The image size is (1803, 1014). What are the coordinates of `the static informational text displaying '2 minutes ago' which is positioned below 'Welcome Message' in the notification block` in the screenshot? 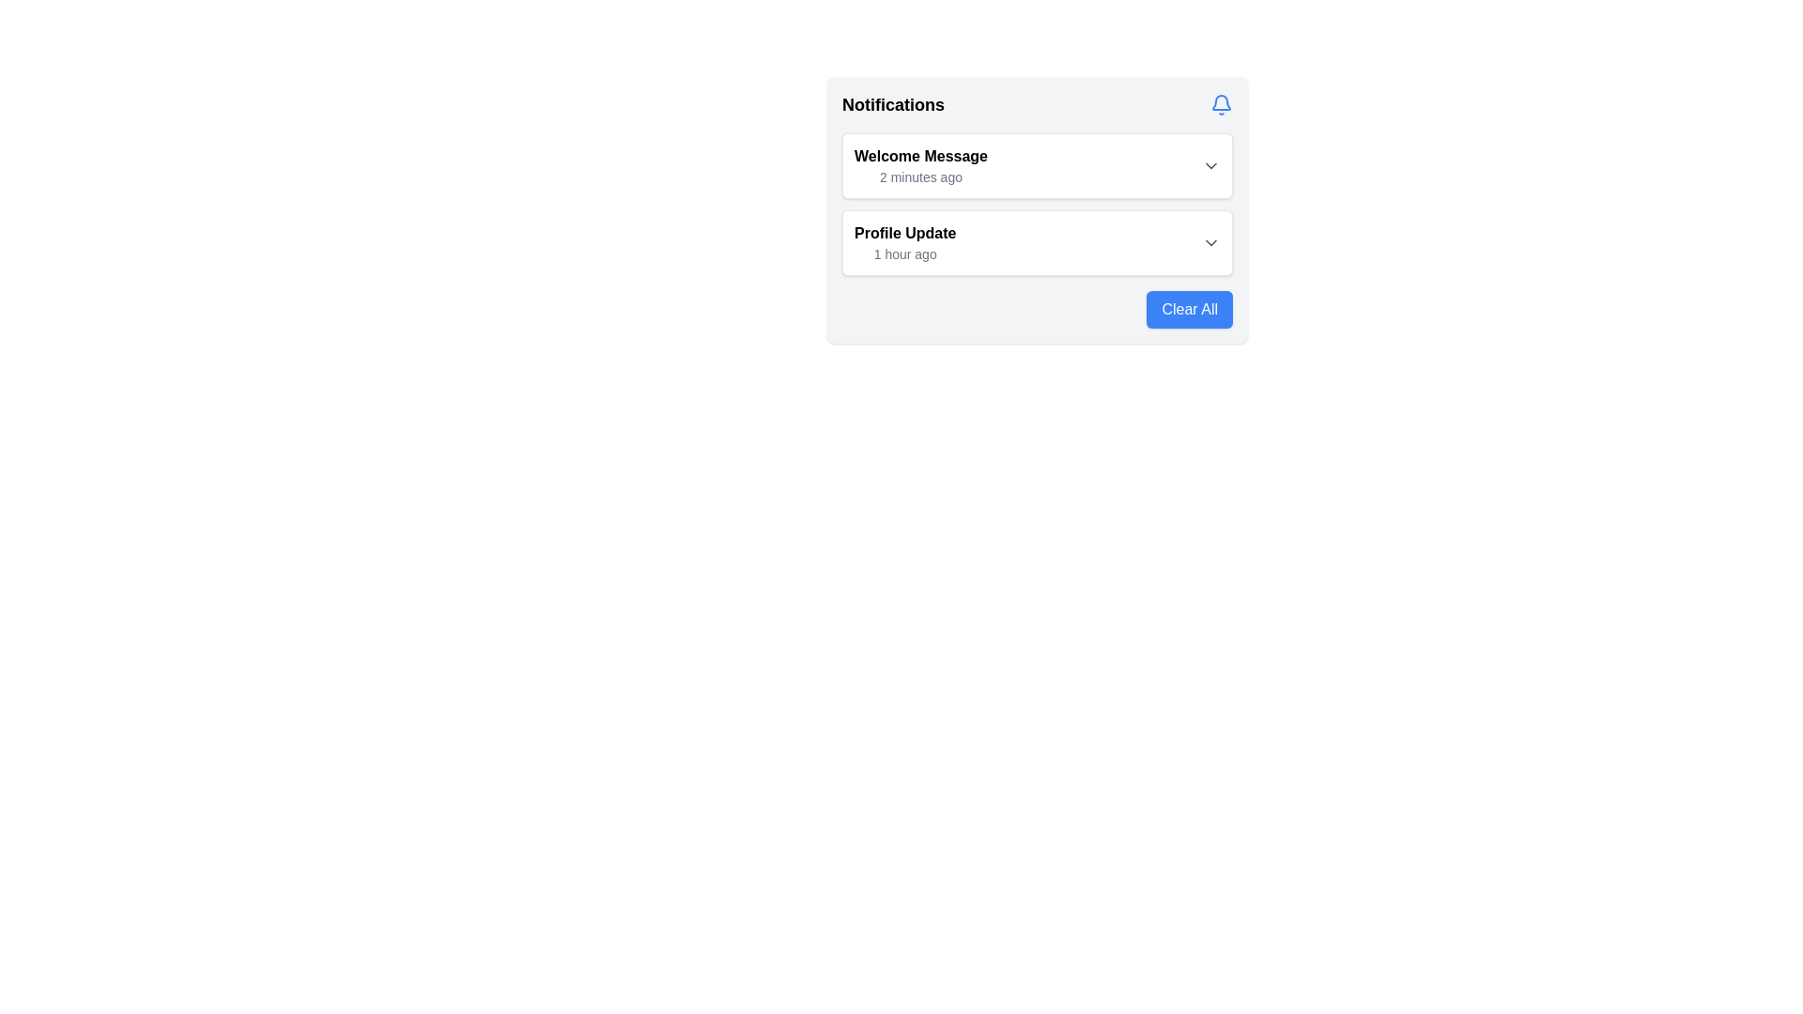 It's located at (920, 177).